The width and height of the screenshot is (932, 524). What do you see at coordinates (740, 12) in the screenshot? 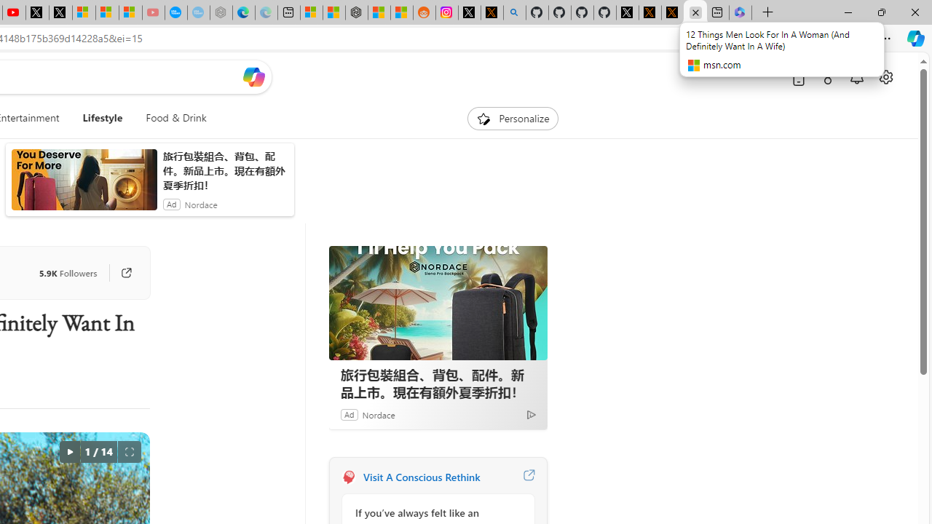
I see `'Login | Microsoft 365'` at bounding box center [740, 12].